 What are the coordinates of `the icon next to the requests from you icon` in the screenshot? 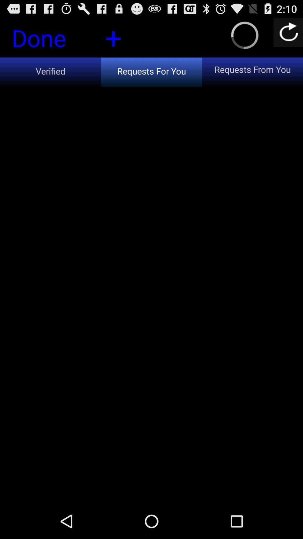 It's located at (113, 37).